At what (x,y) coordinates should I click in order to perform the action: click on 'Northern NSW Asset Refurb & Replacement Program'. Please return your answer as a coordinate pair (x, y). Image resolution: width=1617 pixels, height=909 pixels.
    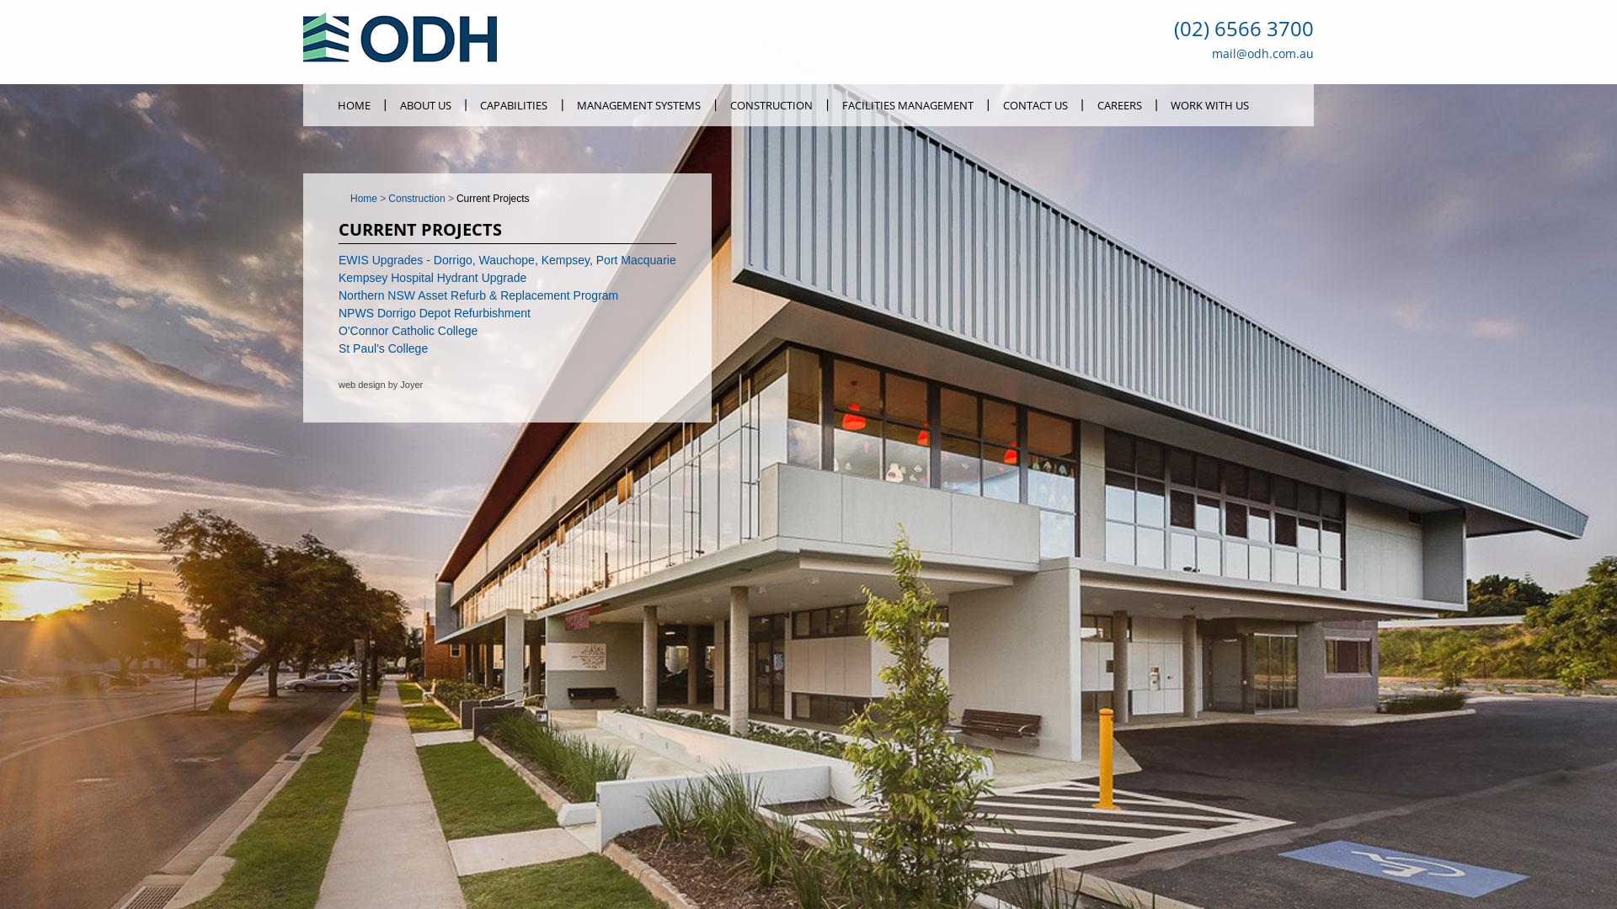
    Looking at the image, I should click on (477, 295).